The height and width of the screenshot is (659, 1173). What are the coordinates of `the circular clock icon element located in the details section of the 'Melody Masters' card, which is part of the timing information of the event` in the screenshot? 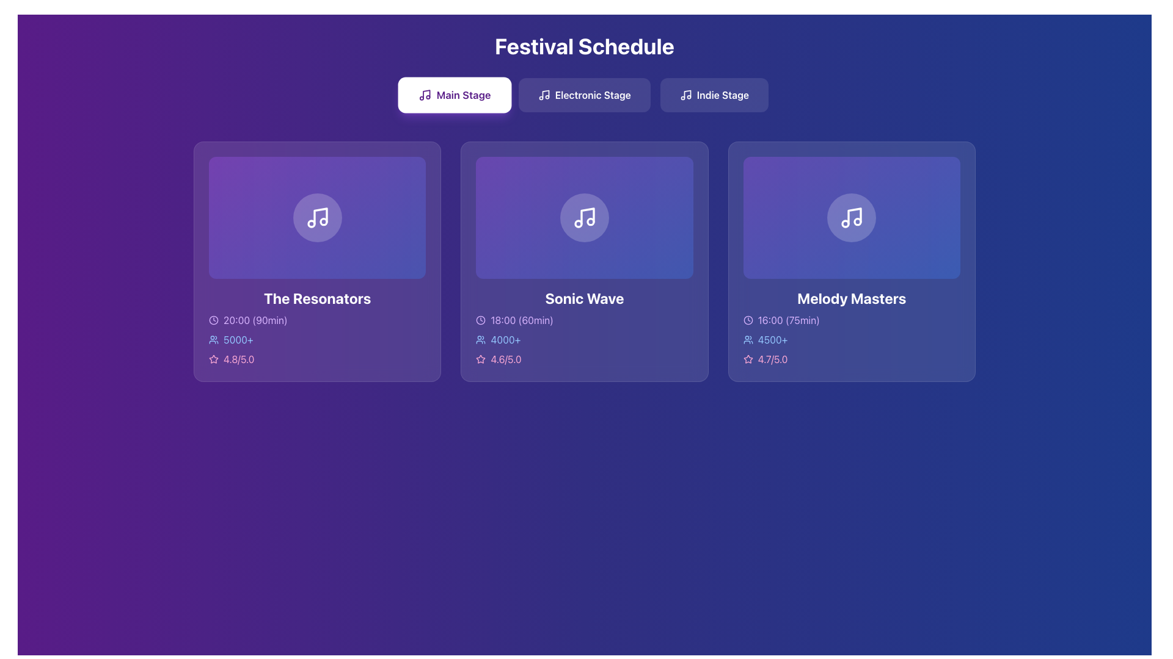 It's located at (747, 319).